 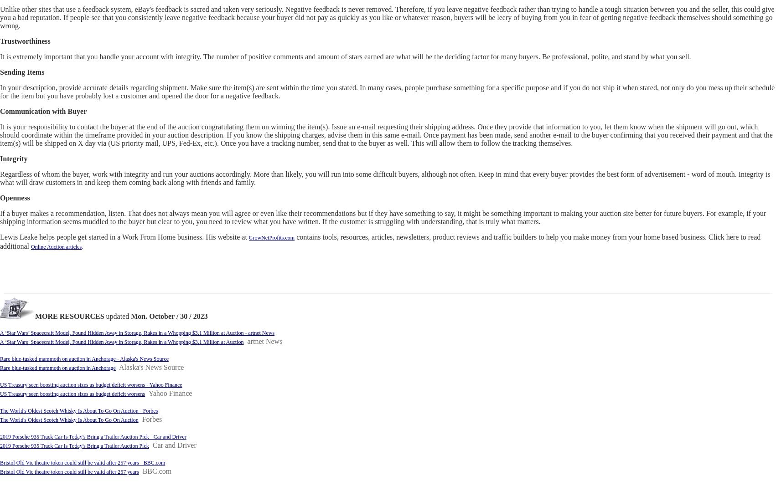 What do you see at coordinates (15, 197) in the screenshot?
I see `'Openness'` at bounding box center [15, 197].